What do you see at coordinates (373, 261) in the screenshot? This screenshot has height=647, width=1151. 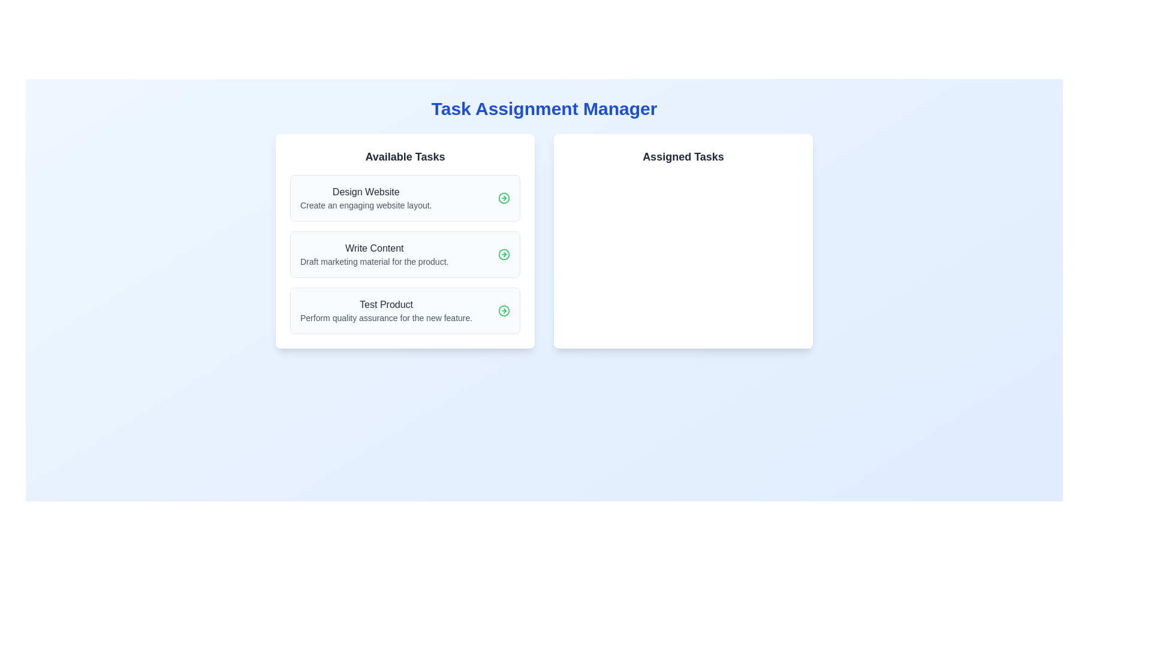 I see `the Text Label that provides descriptive details for the 'Write Content' task, located below 'Write Content' in the 'Available Tasks' section` at bounding box center [373, 261].